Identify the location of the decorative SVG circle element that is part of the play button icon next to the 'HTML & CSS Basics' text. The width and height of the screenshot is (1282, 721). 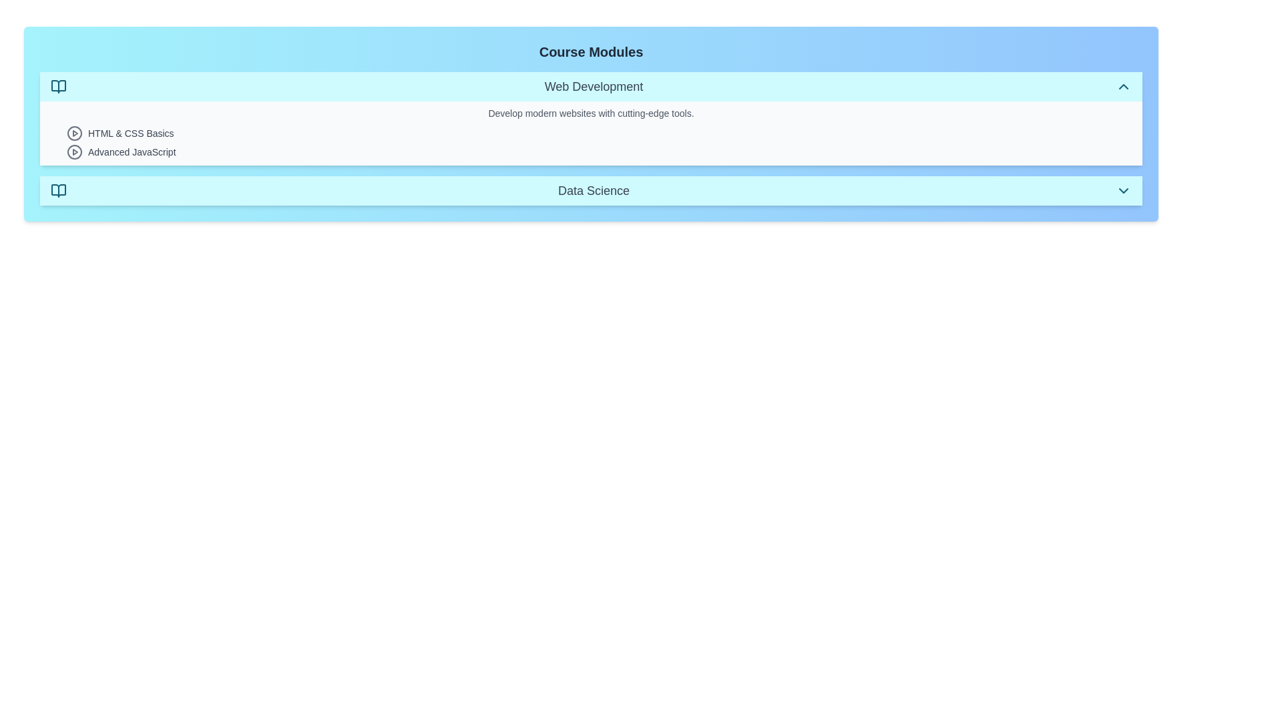
(73, 134).